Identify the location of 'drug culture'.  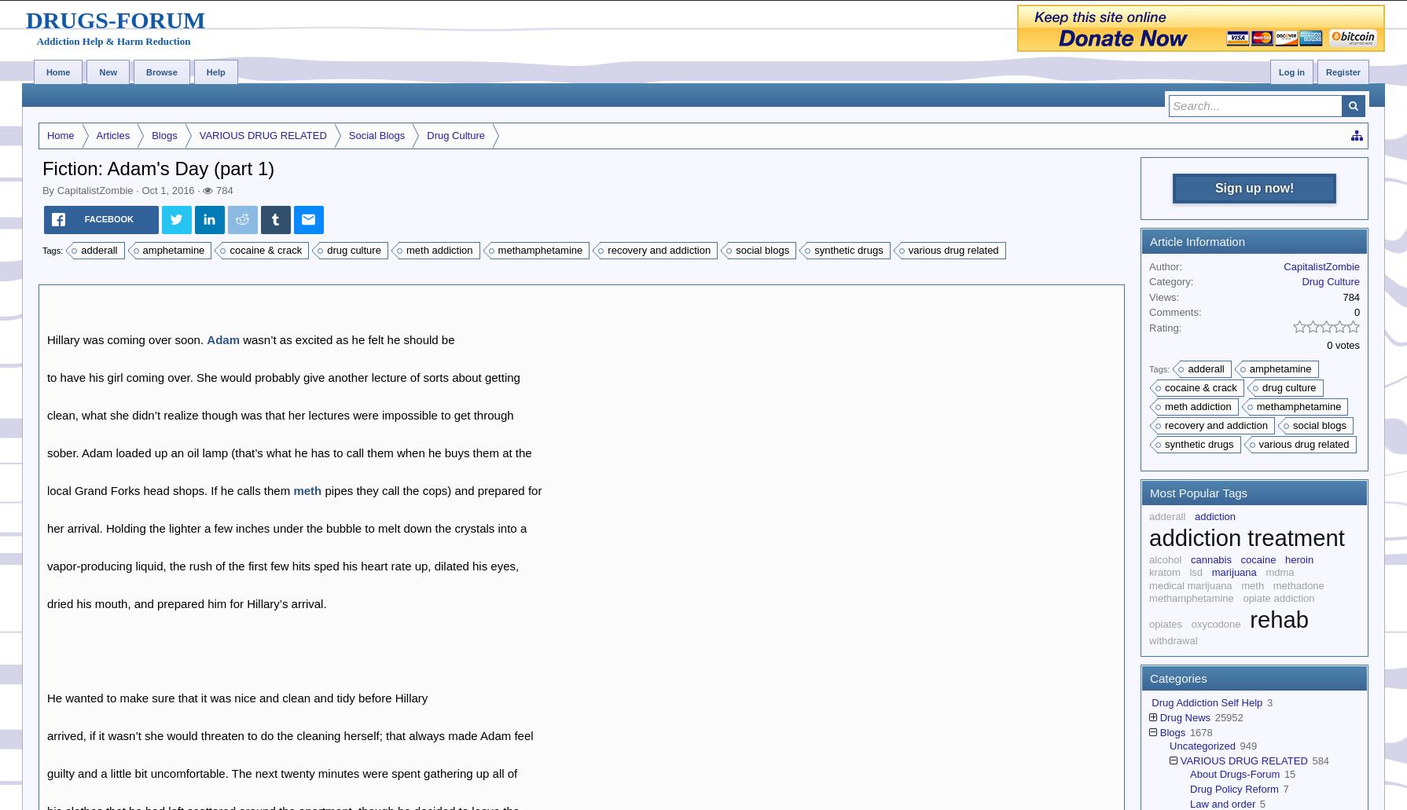
(353, 248).